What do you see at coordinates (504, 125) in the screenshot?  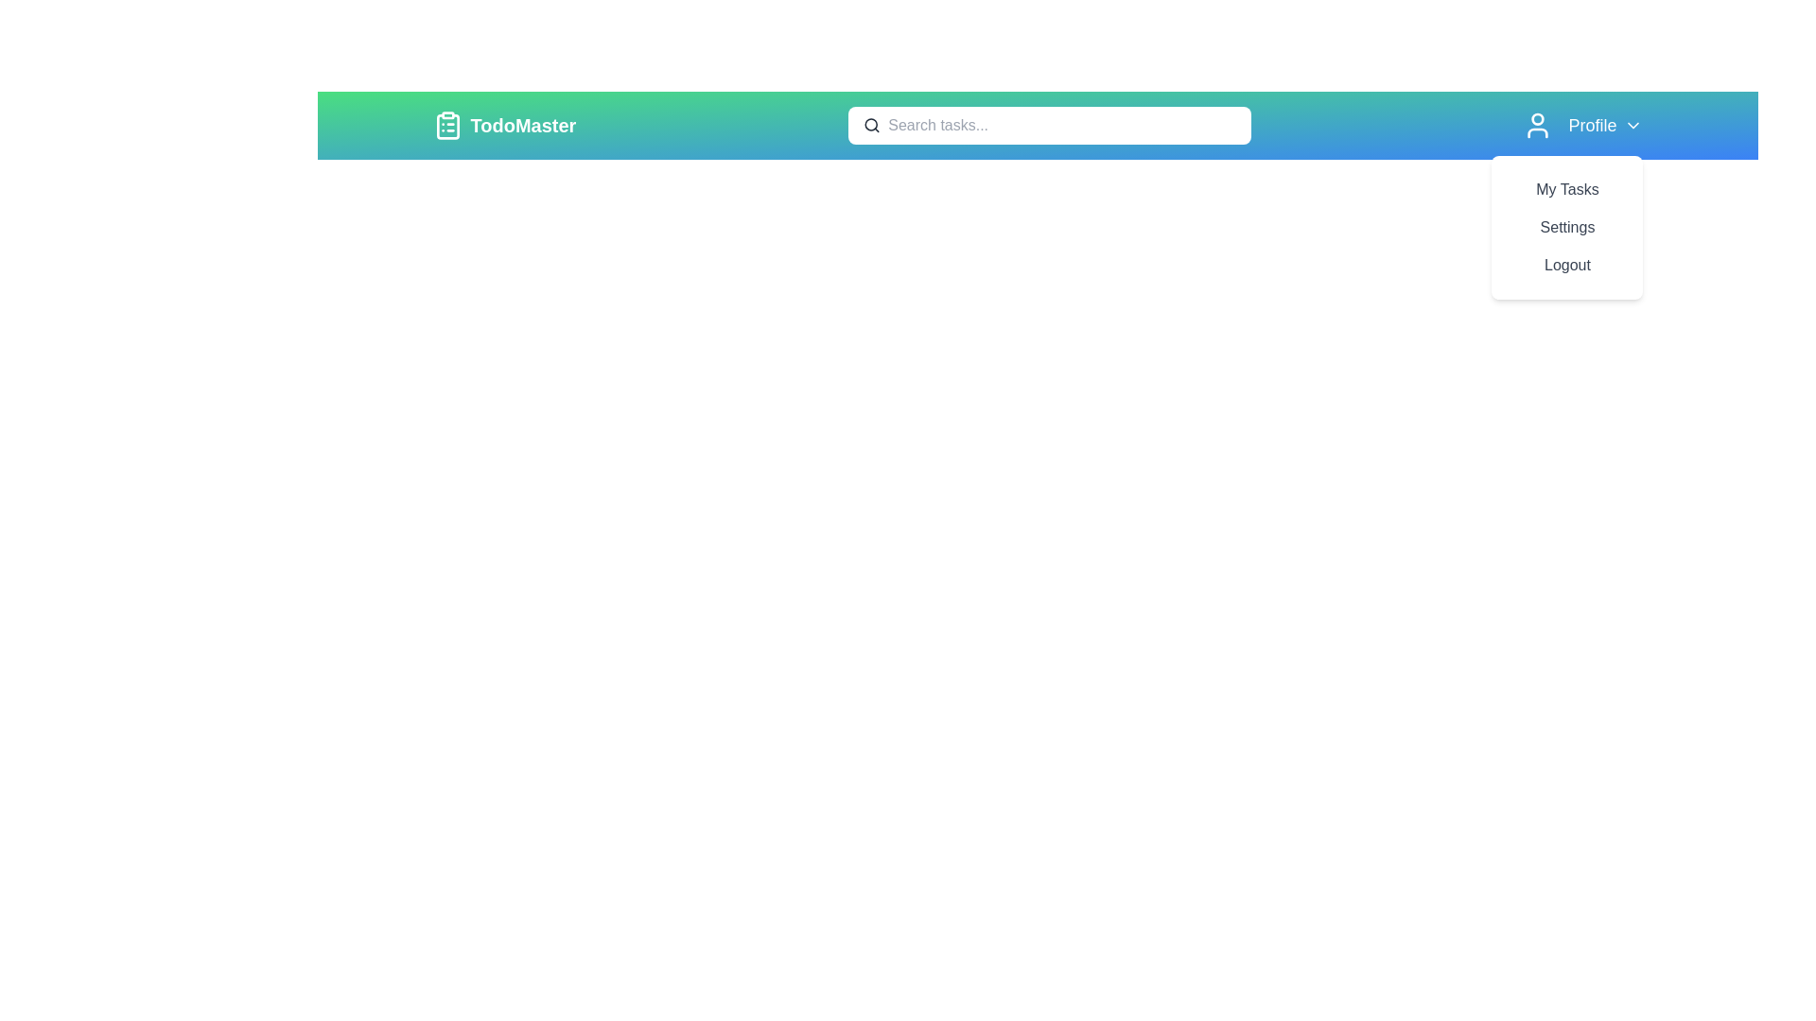 I see `the brand logo and application name displayed on the far-left side of the header bar, which is static and non-interactive` at bounding box center [504, 125].